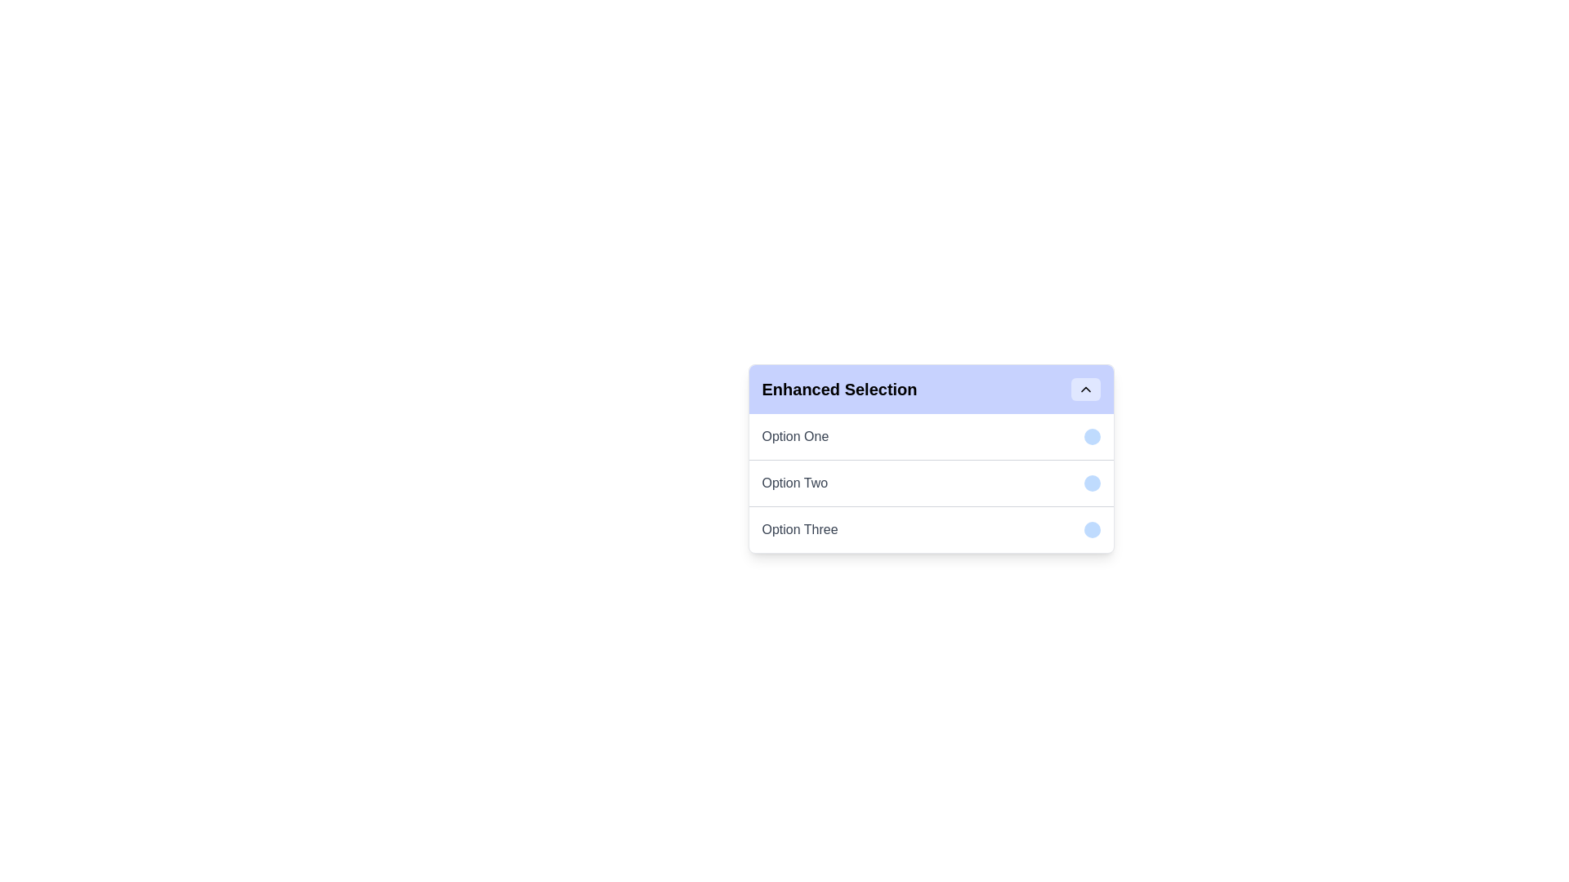 The width and height of the screenshot is (1569, 882). Describe the element at coordinates (931, 459) in the screenshot. I see `the Dropdown menu` at that location.